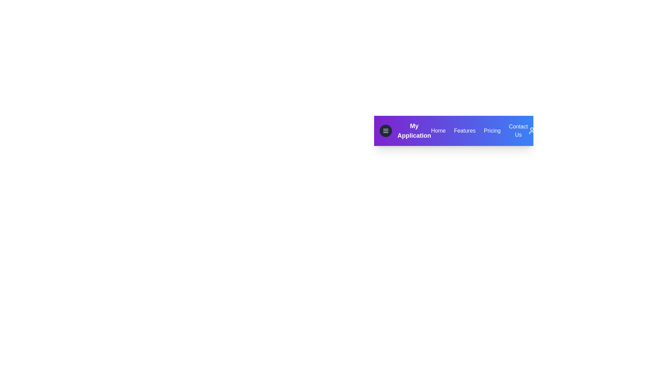 This screenshot has width=659, height=370. I want to click on the navigation link labeled Contact Us, so click(518, 131).